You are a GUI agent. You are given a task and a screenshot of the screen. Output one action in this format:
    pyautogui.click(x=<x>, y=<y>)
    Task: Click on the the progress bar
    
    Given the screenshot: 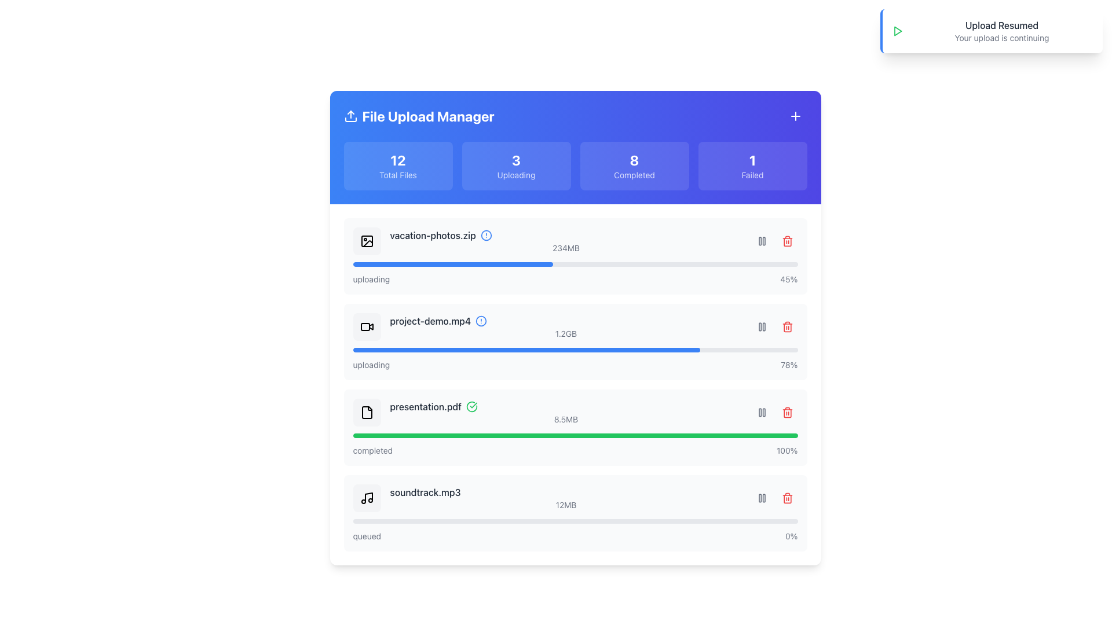 What is the action you would take?
    pyautogui.click(x=454, y=264)
    